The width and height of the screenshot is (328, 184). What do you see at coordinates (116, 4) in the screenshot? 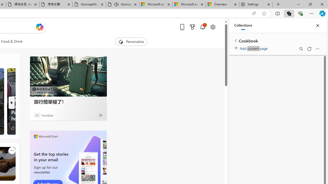
I see `'Mute tab'` at bounding box center [116, 4].